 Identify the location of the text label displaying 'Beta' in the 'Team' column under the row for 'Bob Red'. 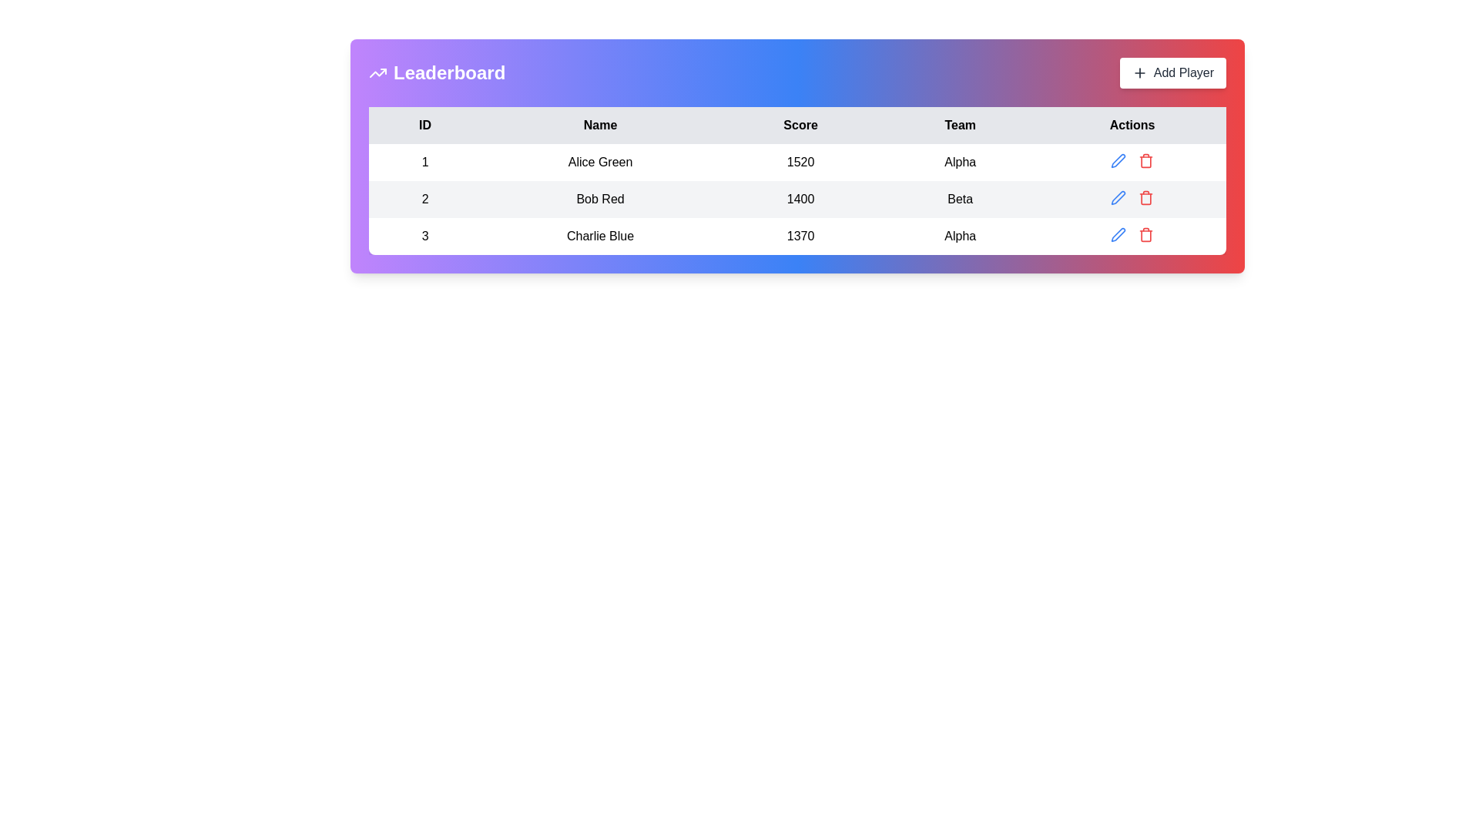
(959, 198).